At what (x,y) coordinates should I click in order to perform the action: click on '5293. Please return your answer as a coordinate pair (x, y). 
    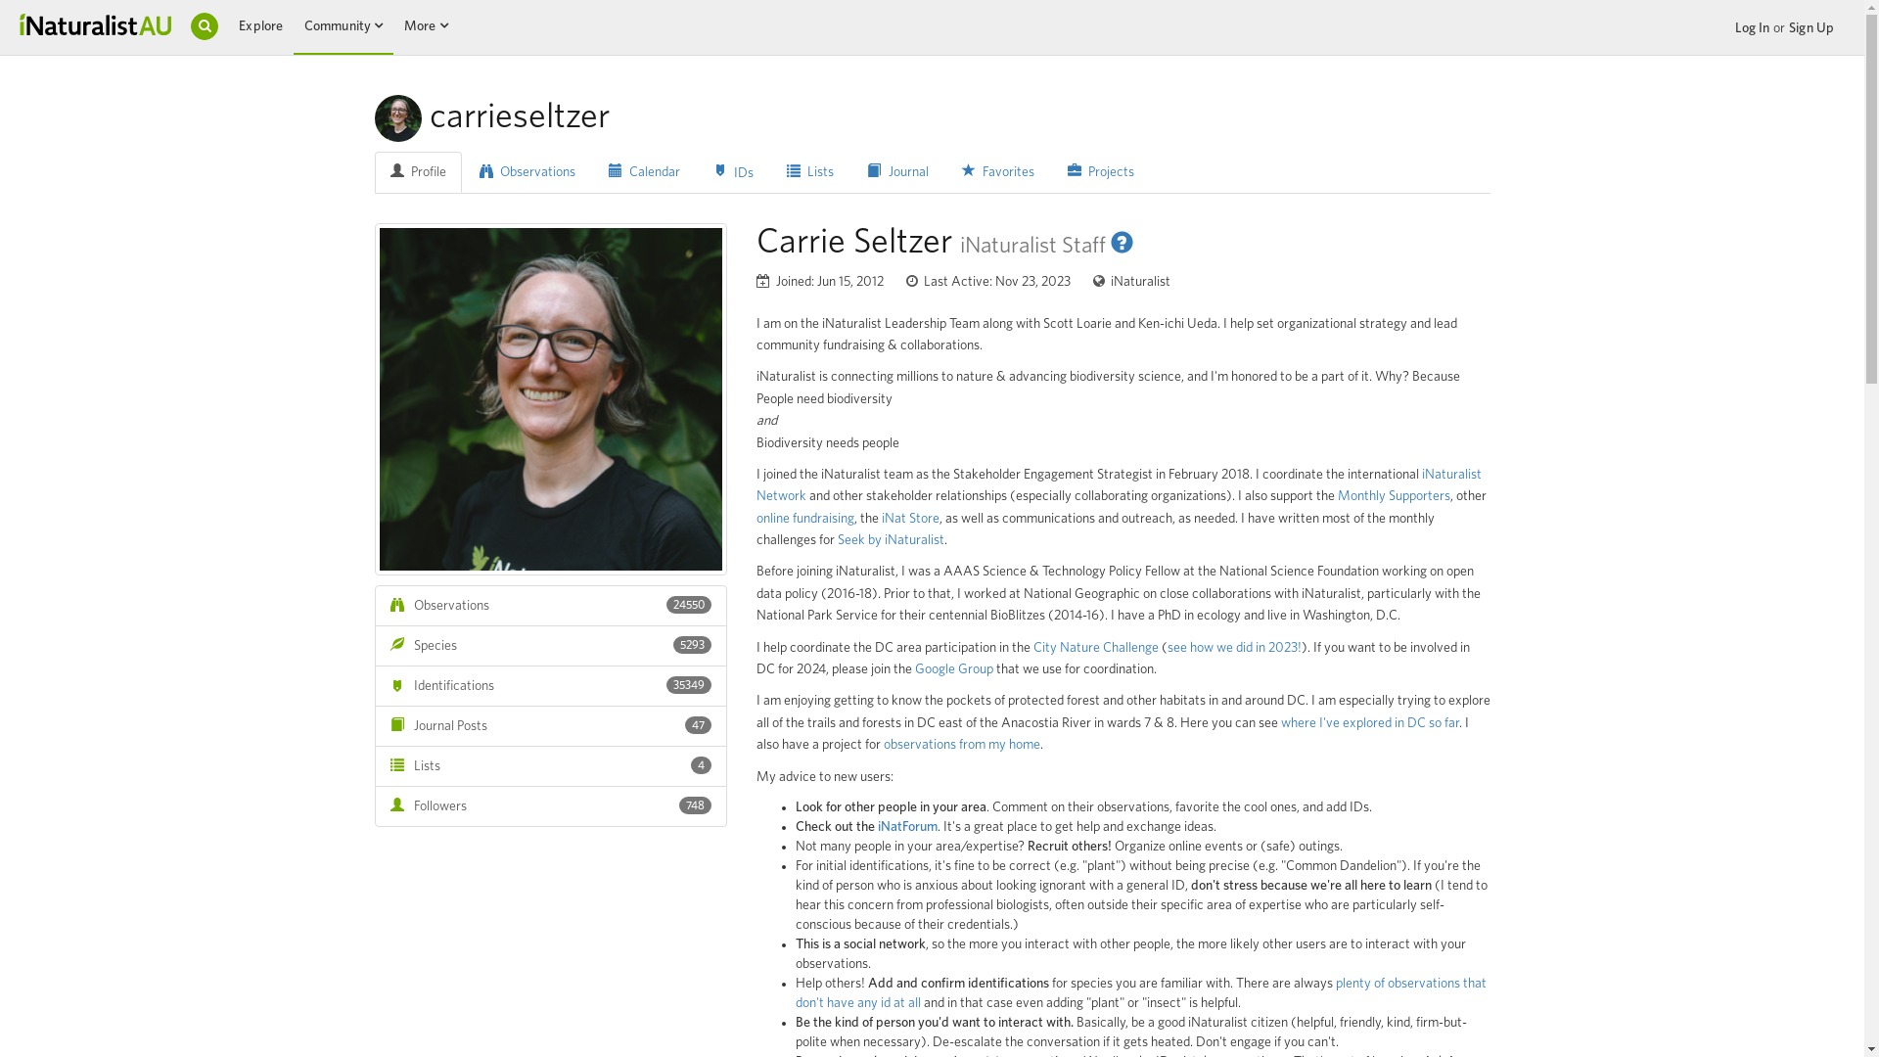
    Looking at the image, I should click on (548, 645).